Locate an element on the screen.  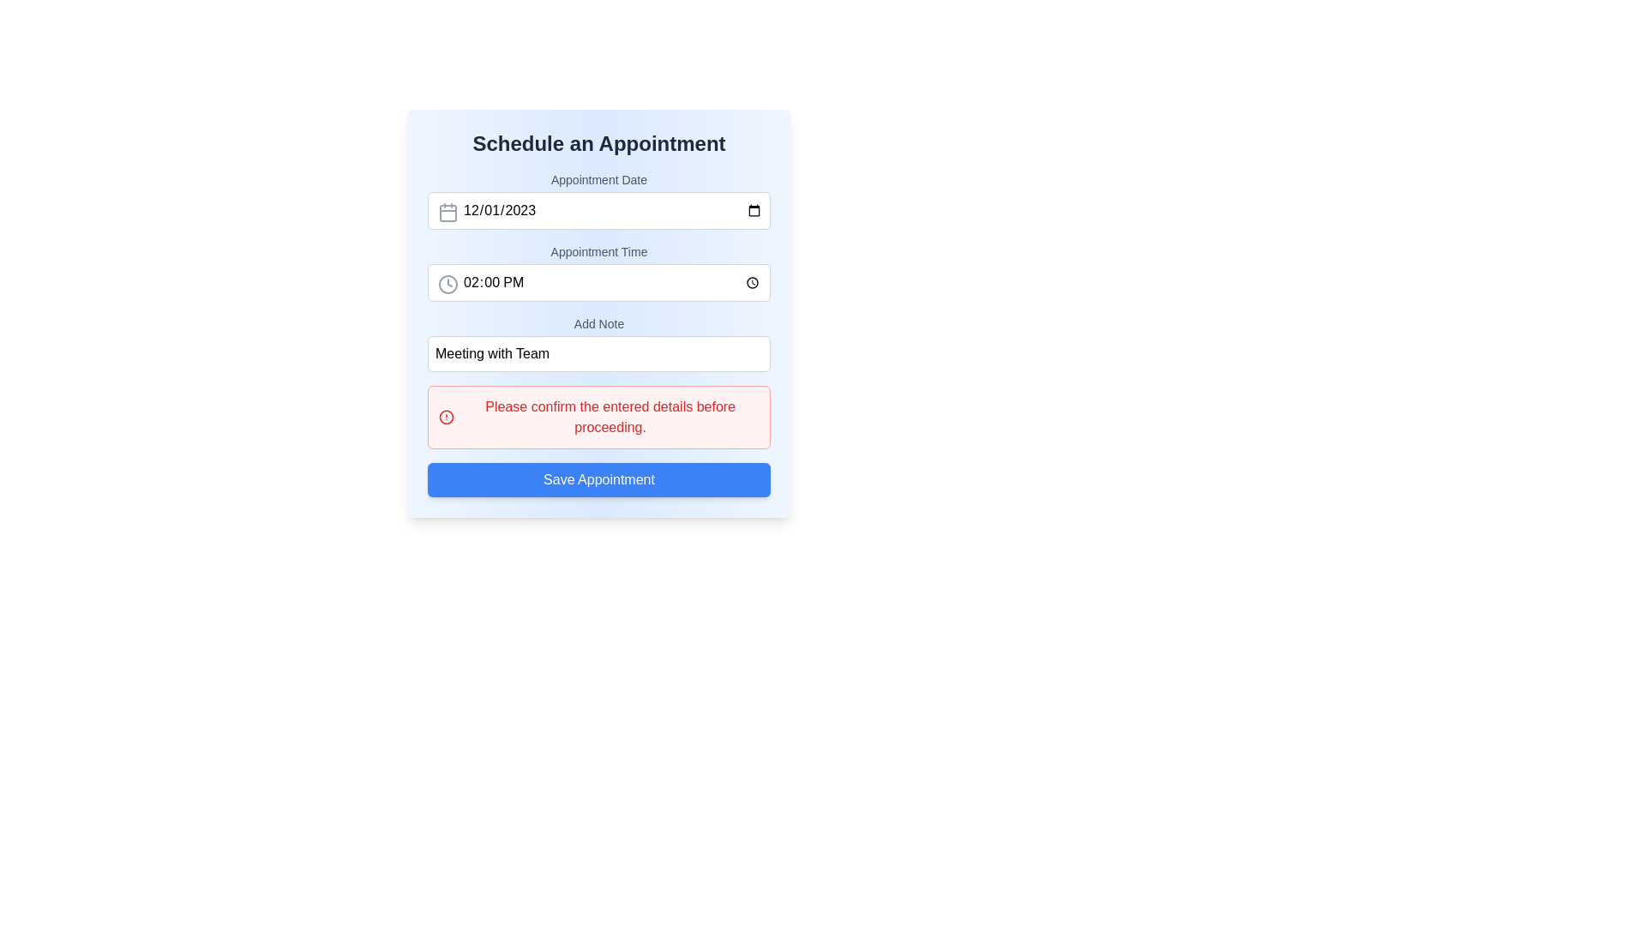
the circular shape representing the clock icon in the Appointment Time field for time selection is located at coordinates (448, 283).